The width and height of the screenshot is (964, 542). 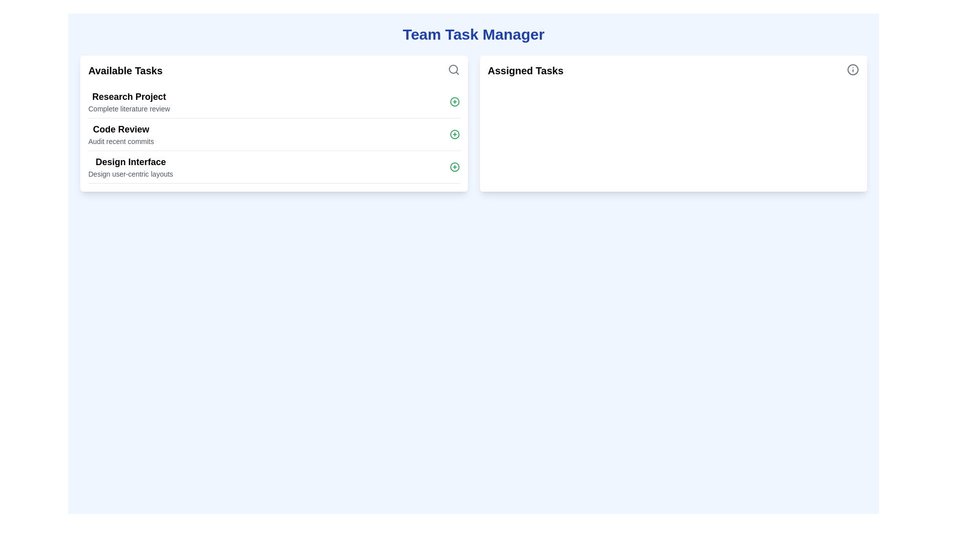 I want to click on the 'Code Review' text label, which is styled in bold and larger size, positioned as the second task title in the 'Available Tasks' section, so click(x=120, y=129).